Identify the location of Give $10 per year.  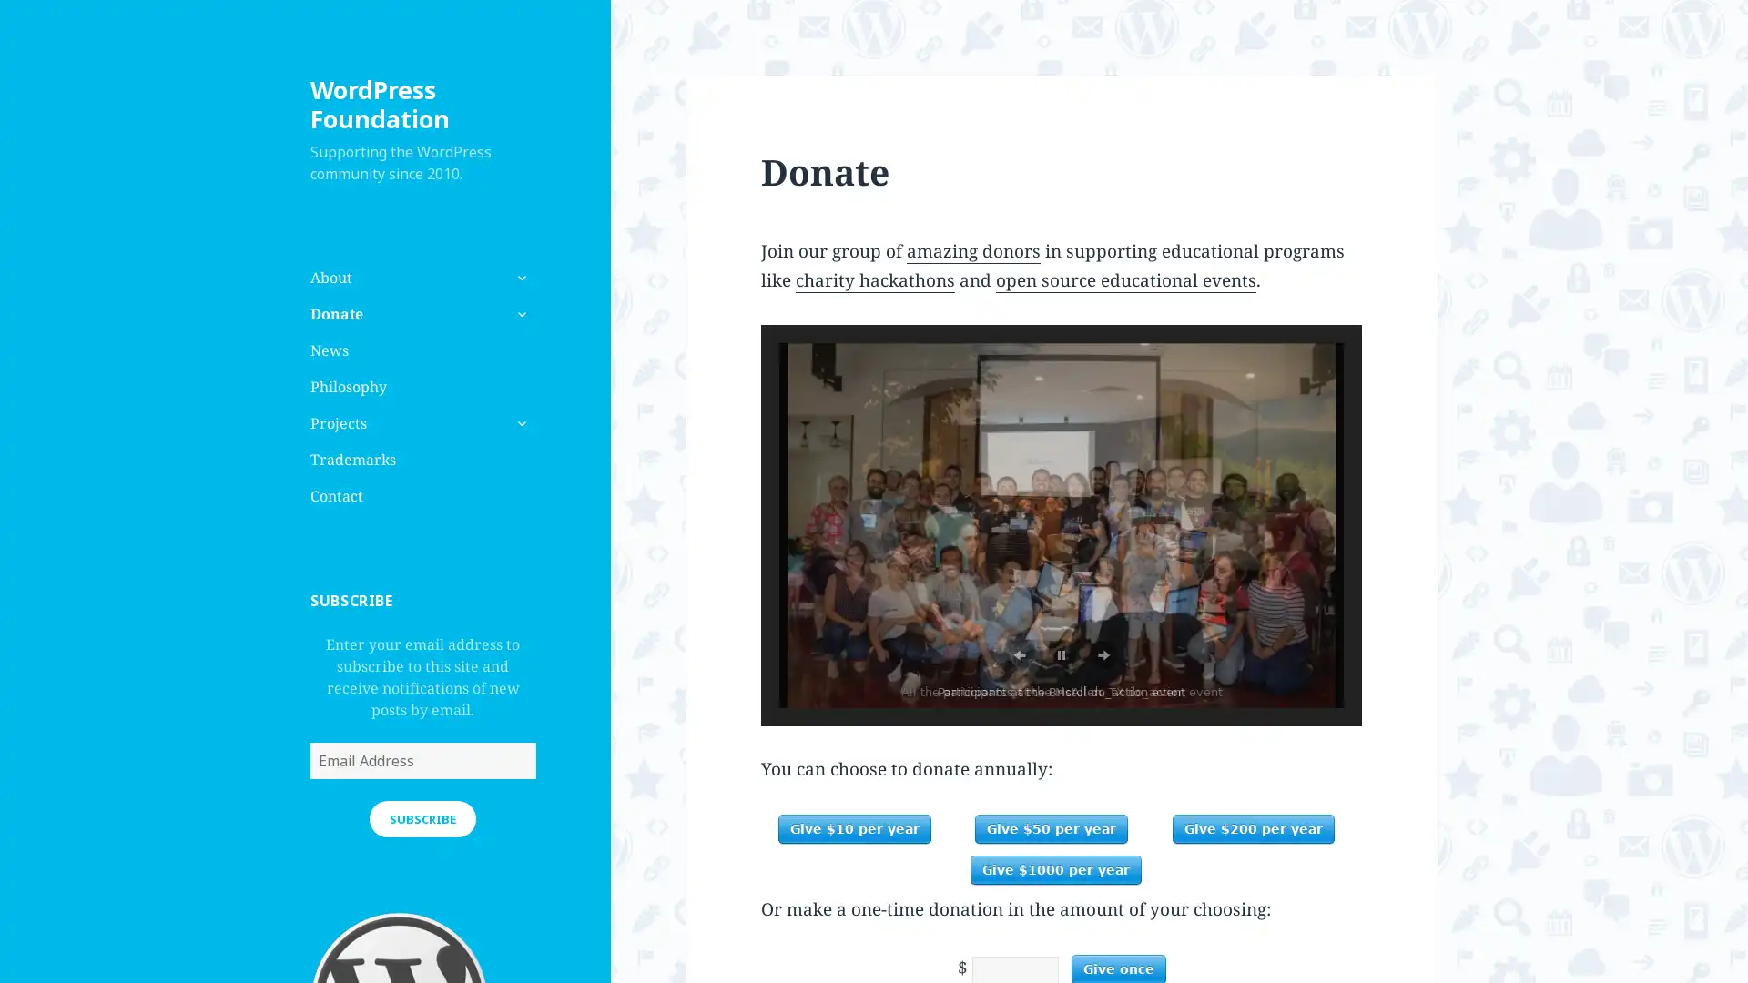
(852, 828).